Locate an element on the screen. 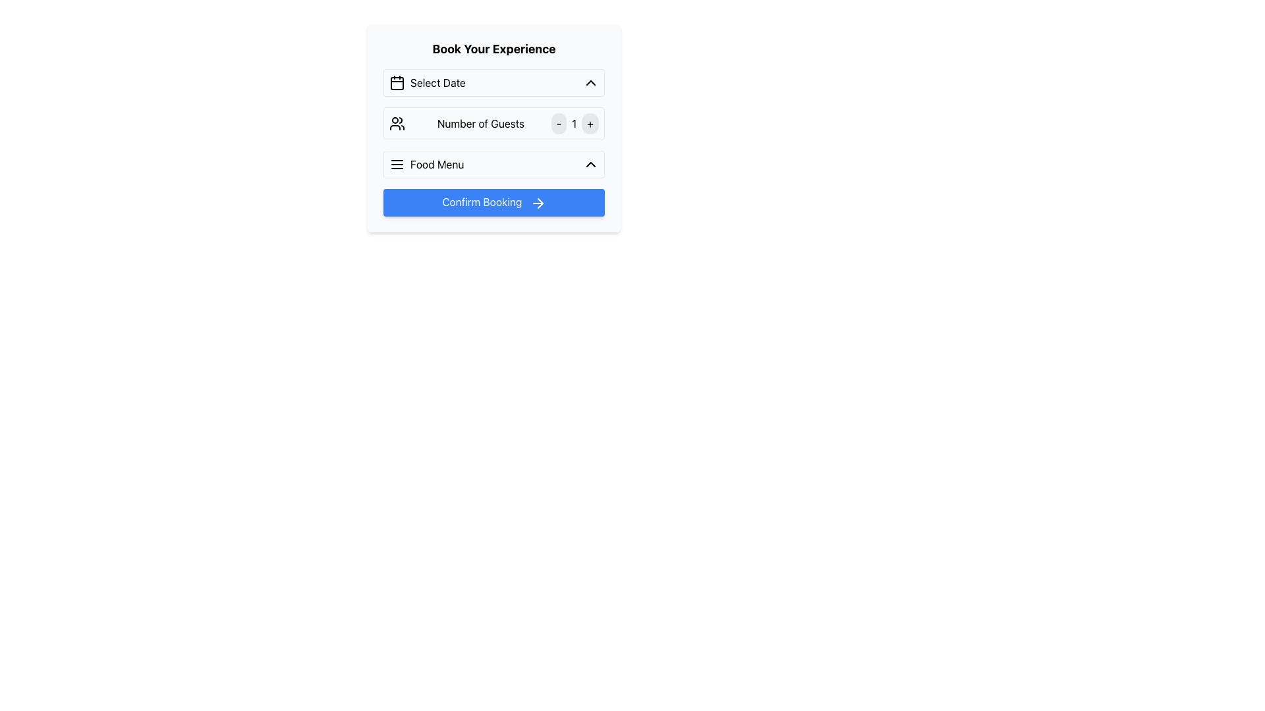 The width and height of the screenshot is (1265, 711). the clickable icon located at the far right side of the 'Food Menu' section is located at coordinates (590, 164).